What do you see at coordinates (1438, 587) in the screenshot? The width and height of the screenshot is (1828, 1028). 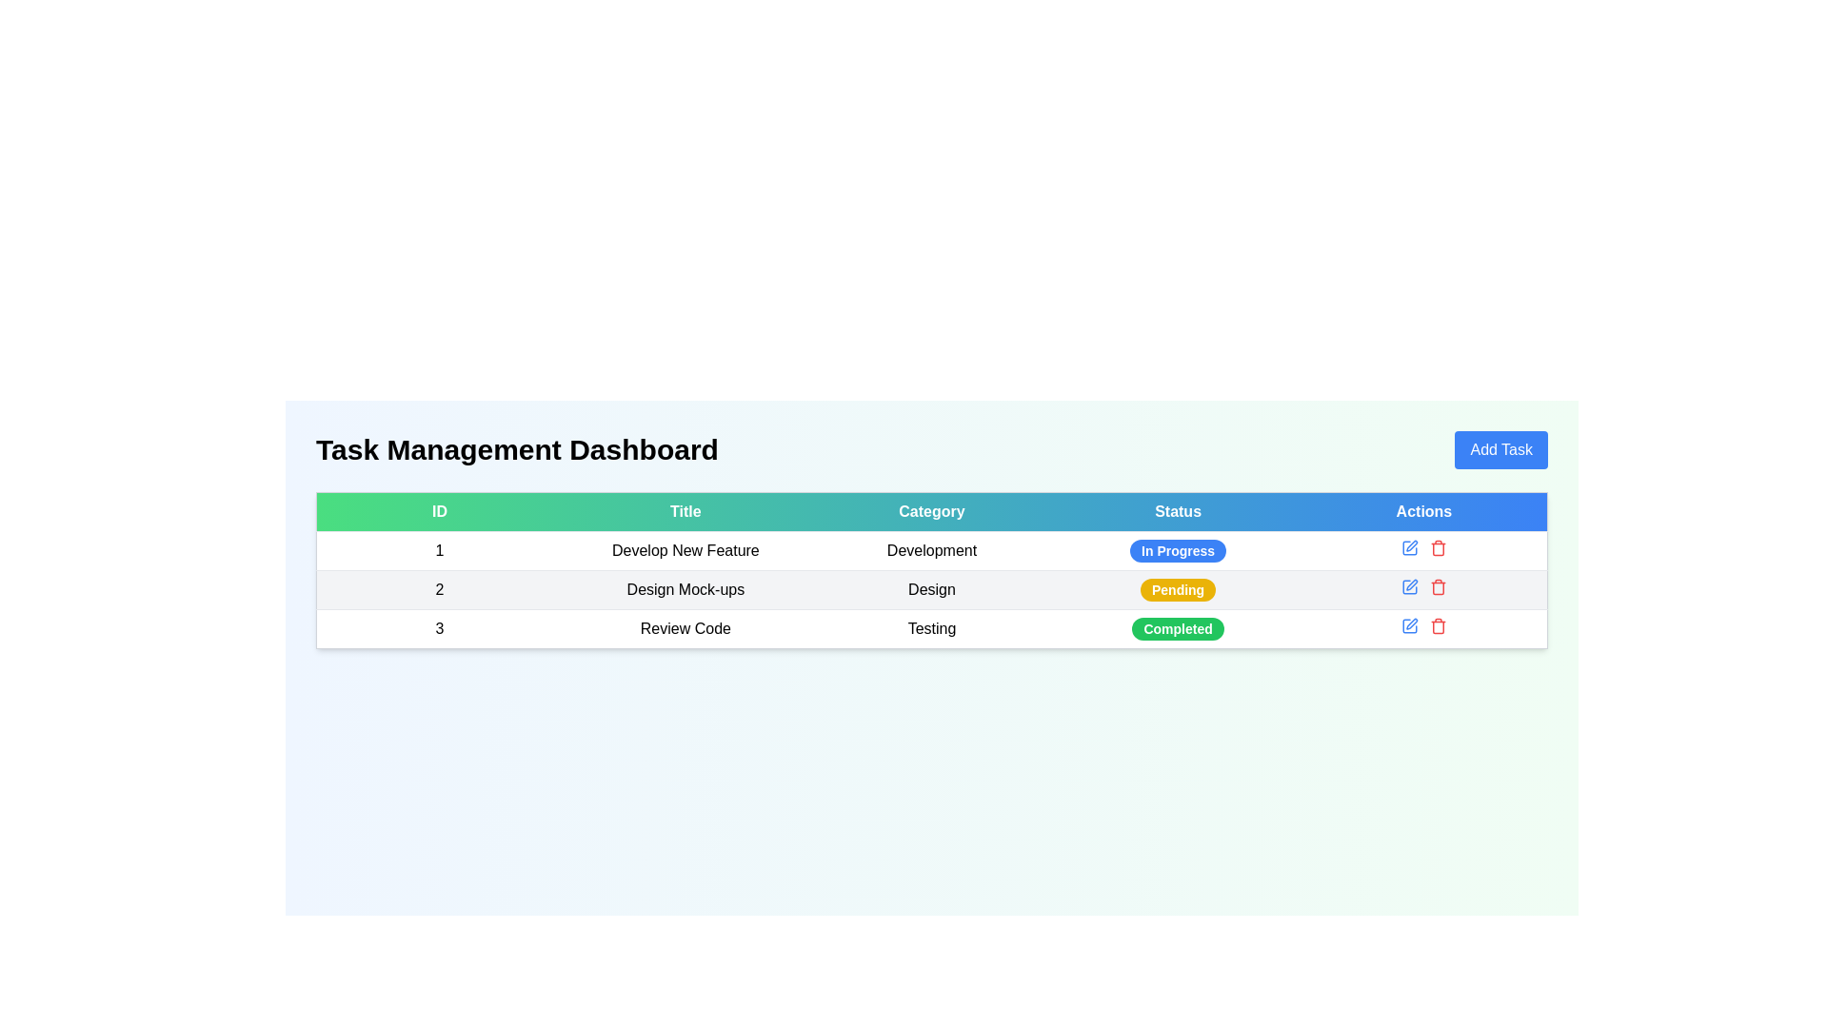 I see `the trash/delete icon for the 'Design Mock-ups' task entry in the Actions column of the task management dashboard` at bounding box center [1438, 587].